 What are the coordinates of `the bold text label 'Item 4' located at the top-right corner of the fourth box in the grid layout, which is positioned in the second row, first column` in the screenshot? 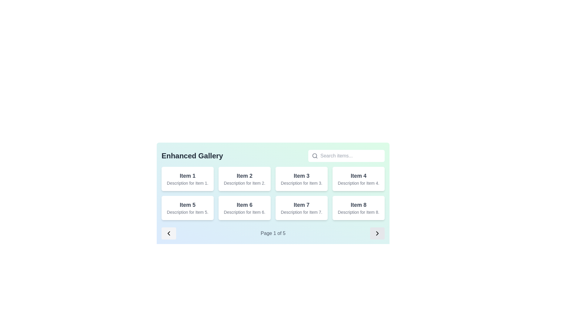 It's located at (358, 176).